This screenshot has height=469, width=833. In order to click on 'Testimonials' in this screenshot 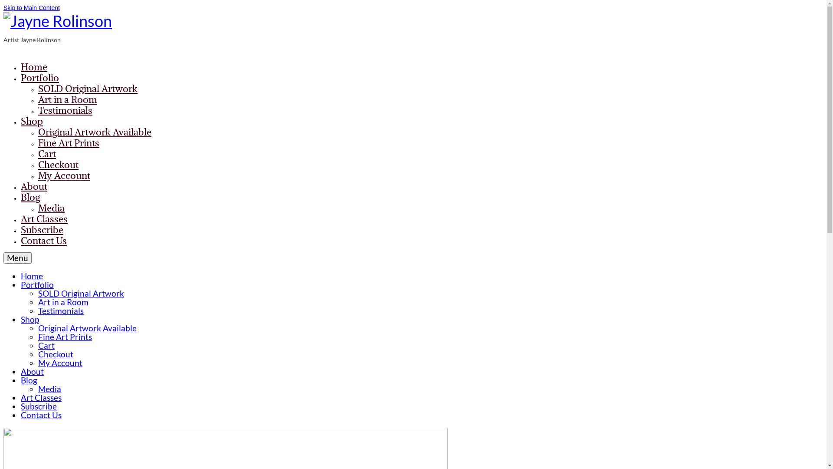, I will do `click(37, 110)`.